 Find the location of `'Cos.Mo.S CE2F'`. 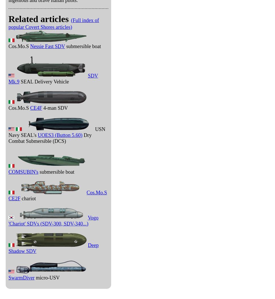

'Cos.Mo.S CE2F' is located at coordinates (58, 195).